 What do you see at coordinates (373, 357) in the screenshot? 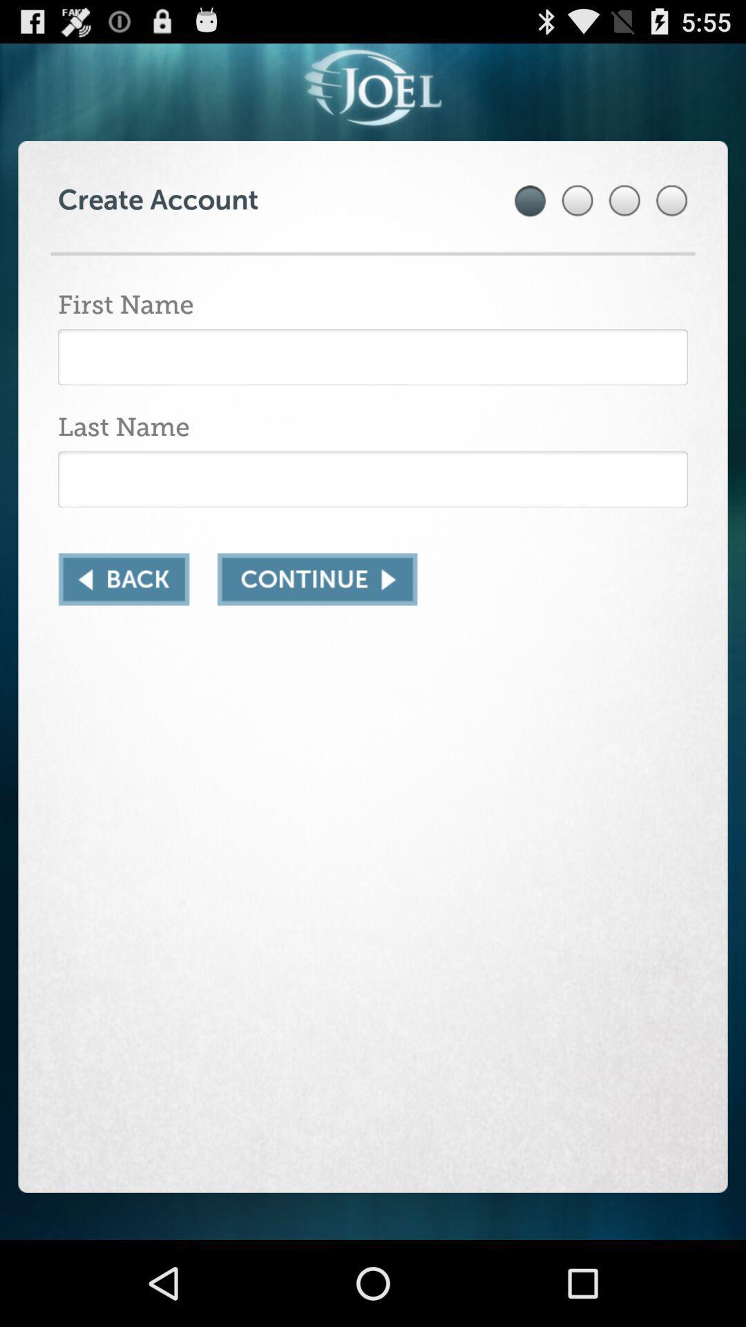
I see `input first name` at bounding box center [373, 357].